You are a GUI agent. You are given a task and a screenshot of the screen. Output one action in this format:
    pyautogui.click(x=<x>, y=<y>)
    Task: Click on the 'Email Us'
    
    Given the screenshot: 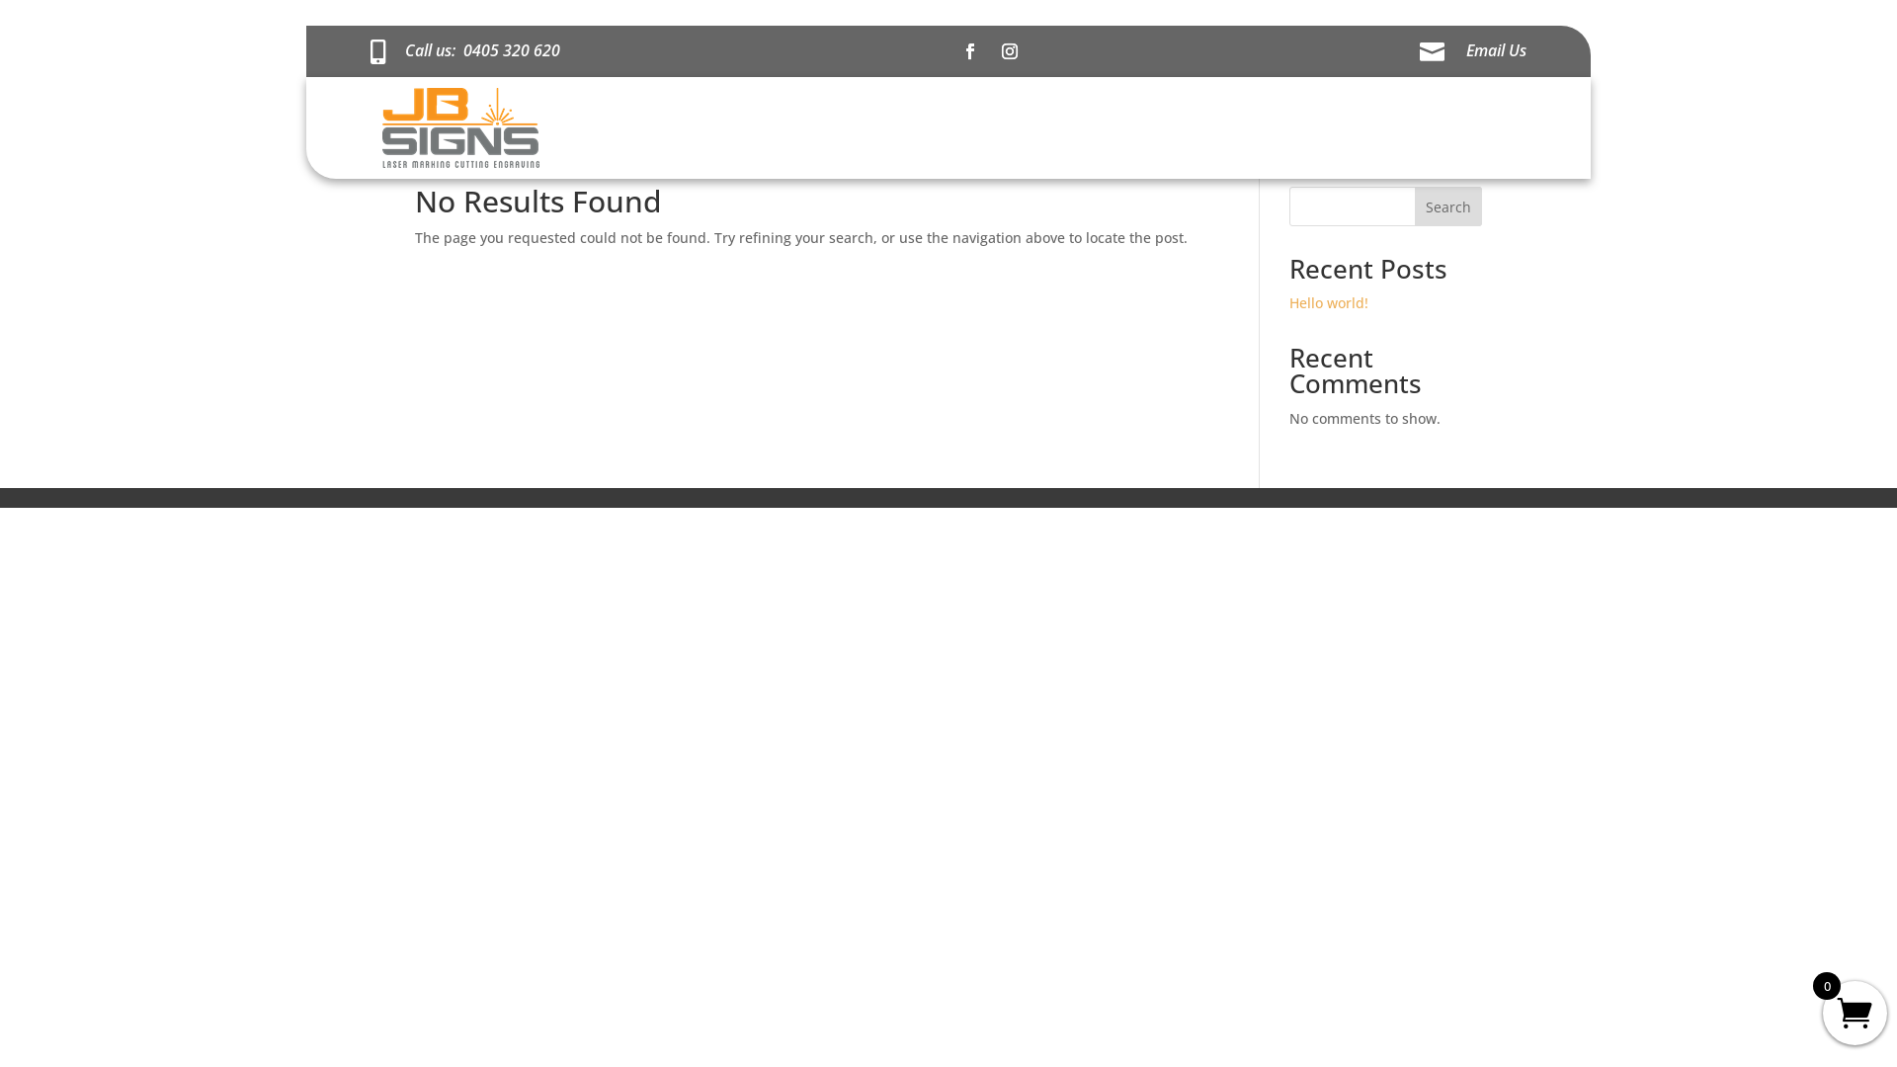 What is the action you would take?
    pyautogui.click(x=1496, y=48)
    